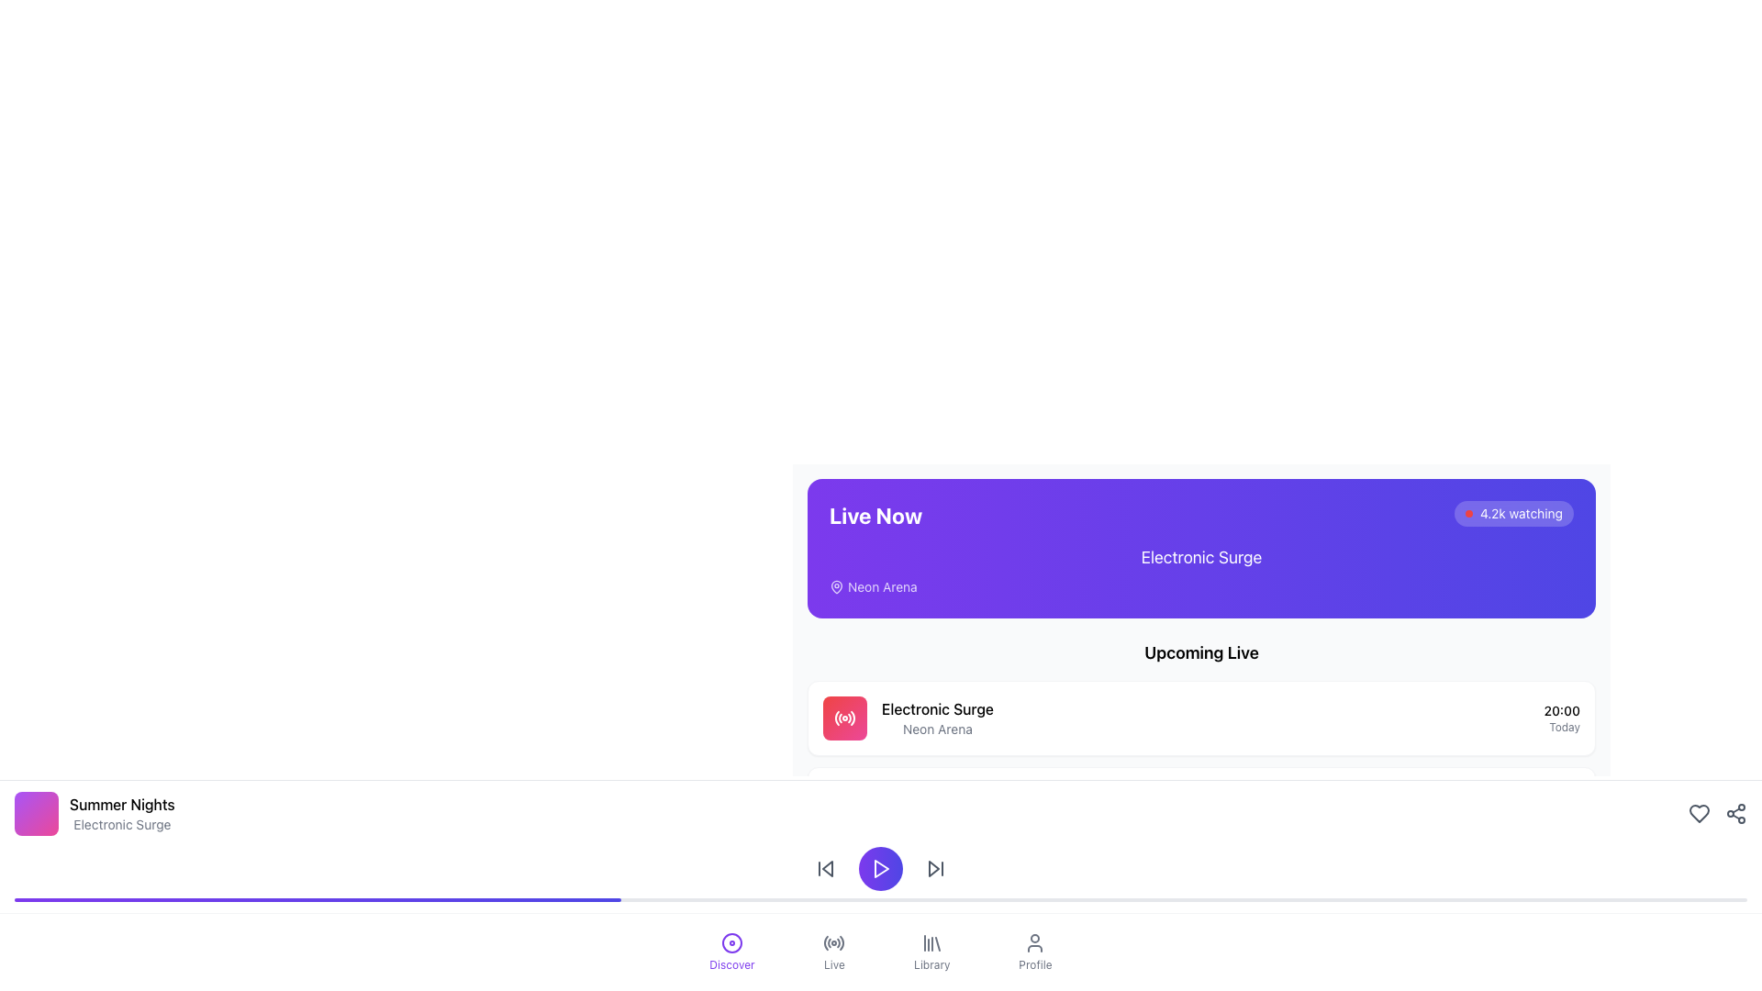  What do you see at coordinates (881, 898) in the screenshot?
I see `and drag the Progress Bar, which is a horizontal slim, rounded rectangle with a violet to indigo gradient, to change the progress` at bounding box center [881, 898].